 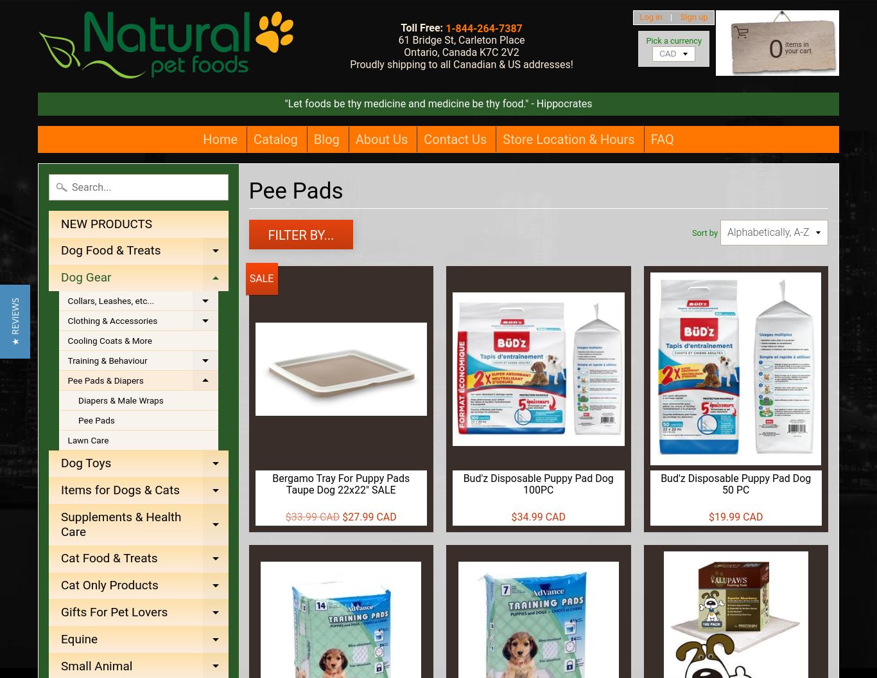 I want to click on 'items in your cart', so click(x=785, y=47).